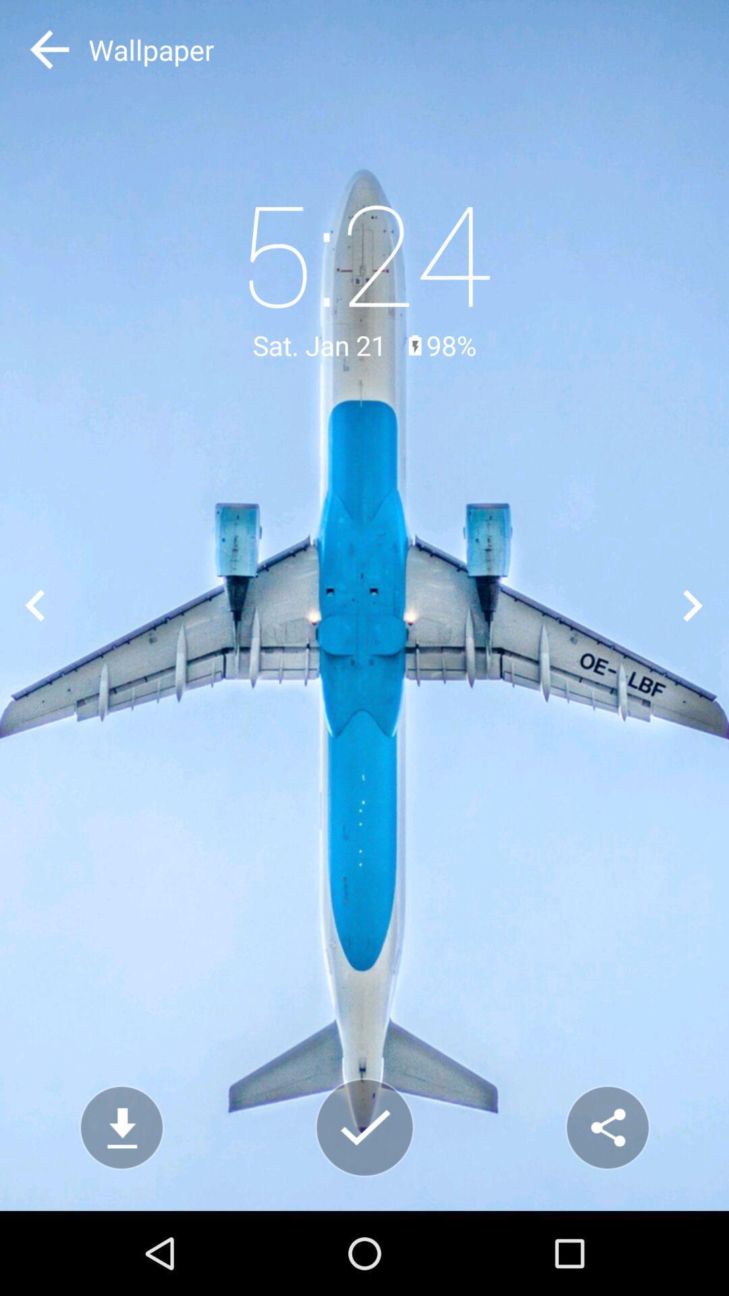 The image size is (729, 1296). Describe the element at coordinates (364, 1127) in the screenshot. I see `the check icon` at that location.